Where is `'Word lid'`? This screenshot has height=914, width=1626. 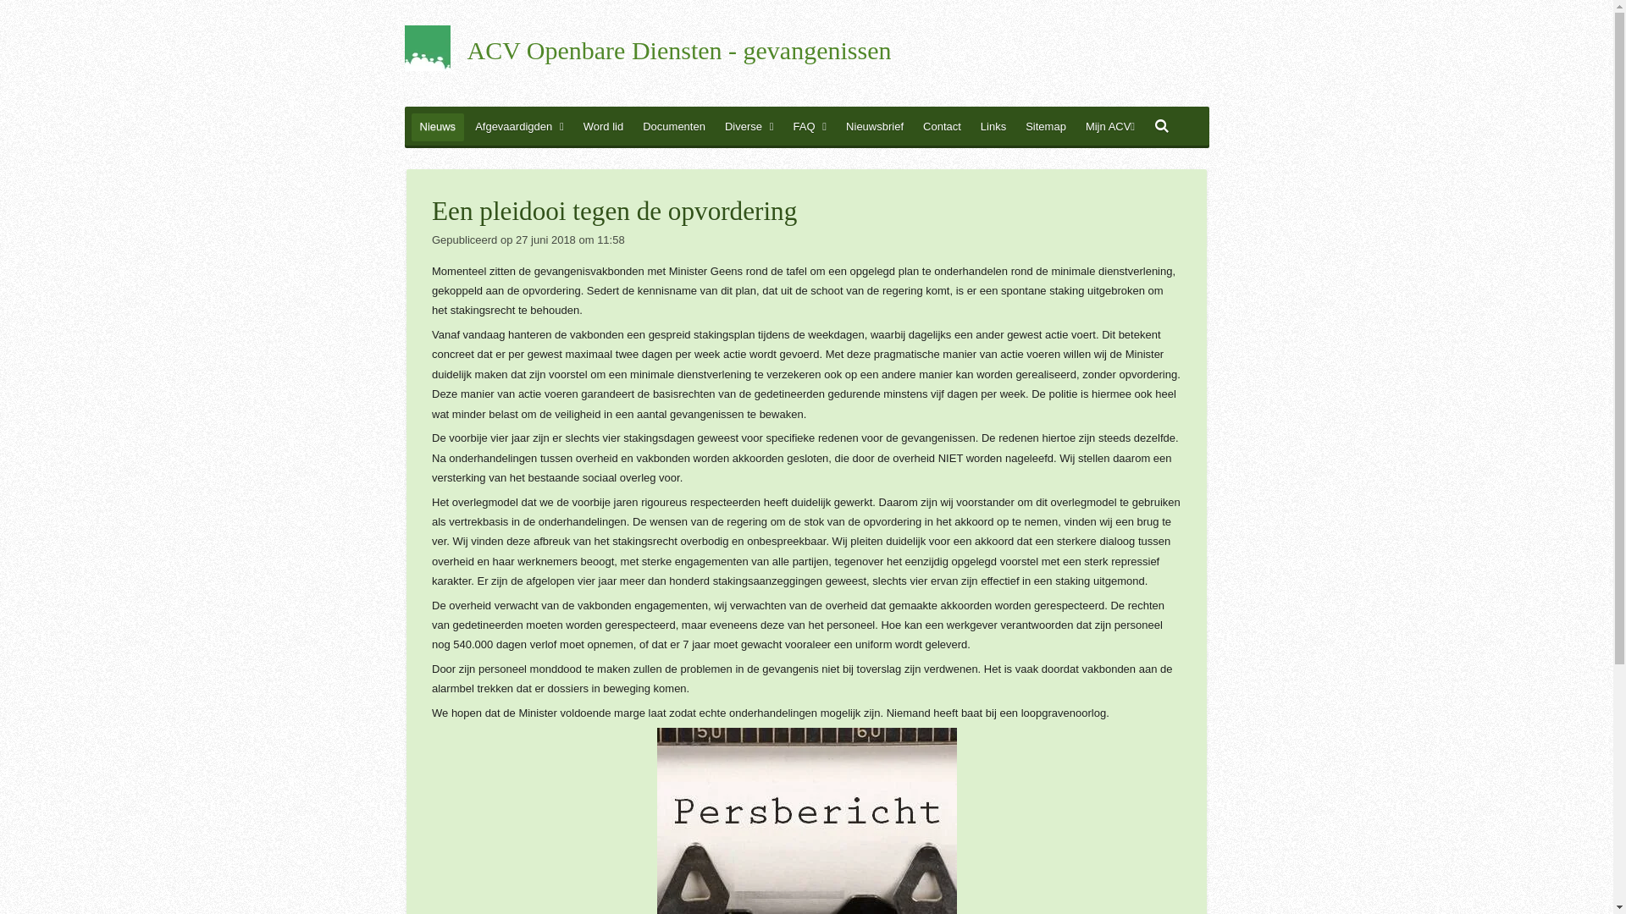
'Word lid' is located at coordinates (603, 126).